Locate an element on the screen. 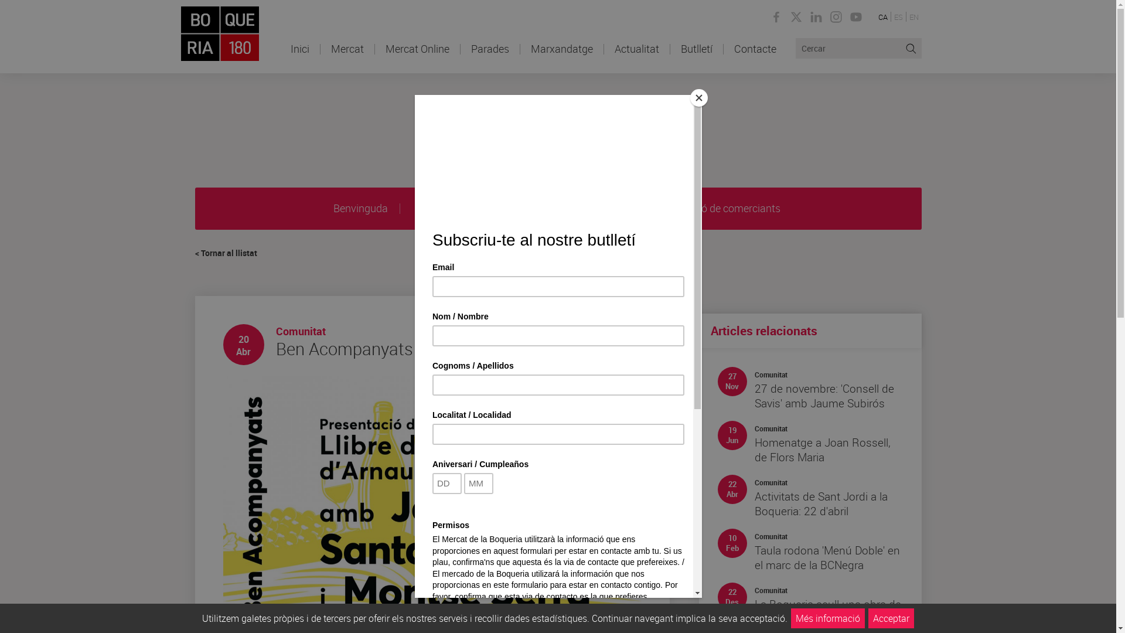 This screenshot has width=1125, height=633. 'Mercat Online' is located at coordinates (417, 58).